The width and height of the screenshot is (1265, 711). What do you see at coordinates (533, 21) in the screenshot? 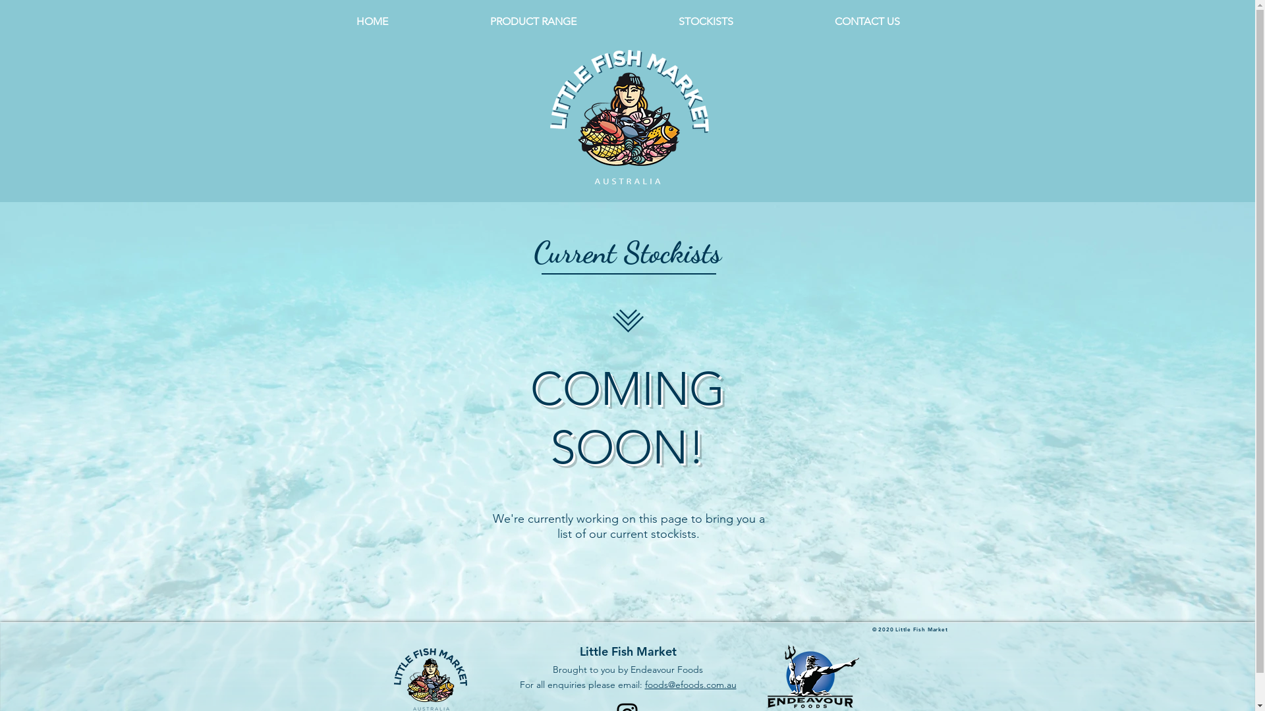
I see `'PRODUCT RANGE'` at bounding box center [533, 21].